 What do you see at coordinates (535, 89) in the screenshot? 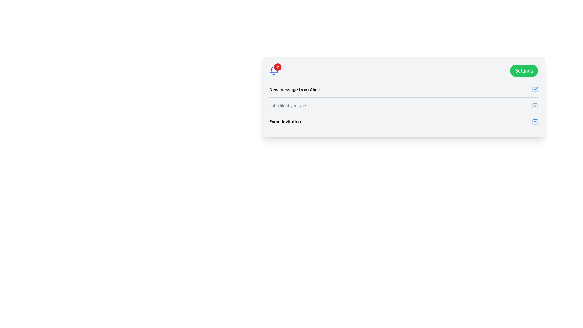
I see `the small square-shaped interactive icon with a blue outline and checkmark, located to the right of 'New message from Alice'` at bounding box center [535, 89].